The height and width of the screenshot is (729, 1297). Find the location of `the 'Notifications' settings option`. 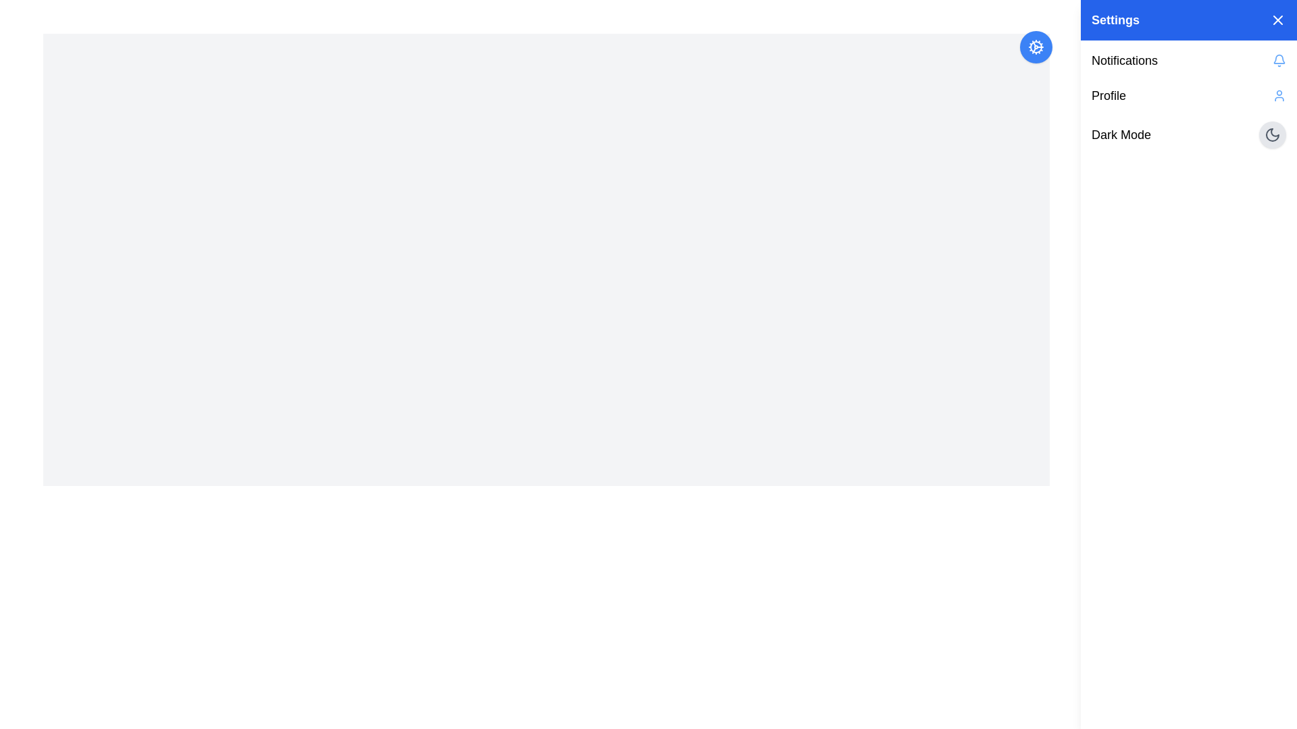

the 'Notifications' settings option is located at coordinates (1189, 59).